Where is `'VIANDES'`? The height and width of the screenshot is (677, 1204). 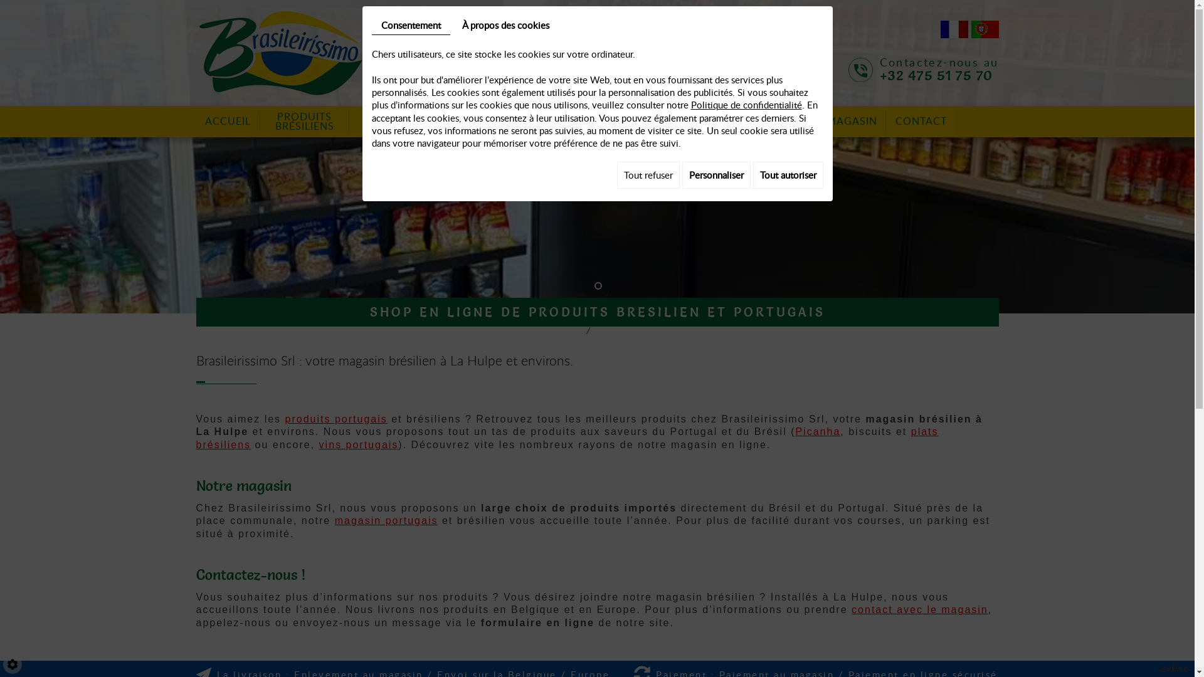
'VIANDES' is located at coordinates (472, 121).